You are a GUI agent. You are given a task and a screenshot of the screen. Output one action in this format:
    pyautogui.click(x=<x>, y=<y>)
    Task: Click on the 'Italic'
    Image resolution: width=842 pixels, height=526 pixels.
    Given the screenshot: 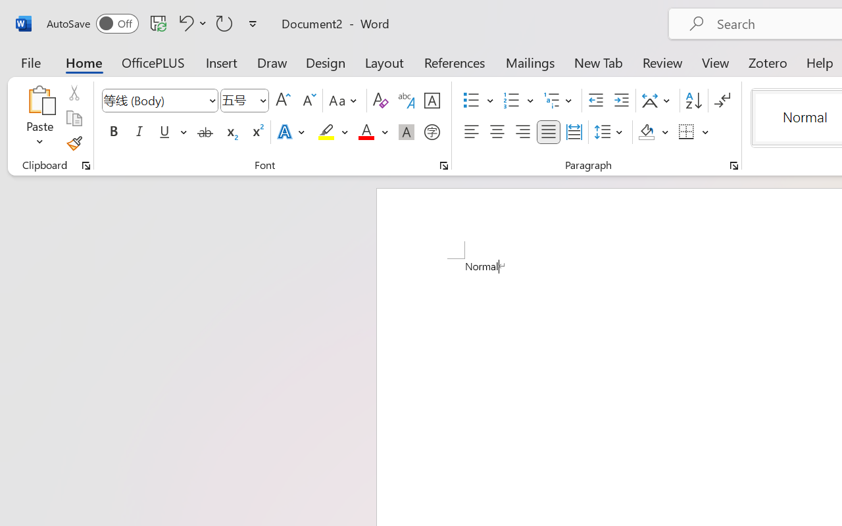 What is the action you would take?
    pyautogui.click(x=139, y=132)
    